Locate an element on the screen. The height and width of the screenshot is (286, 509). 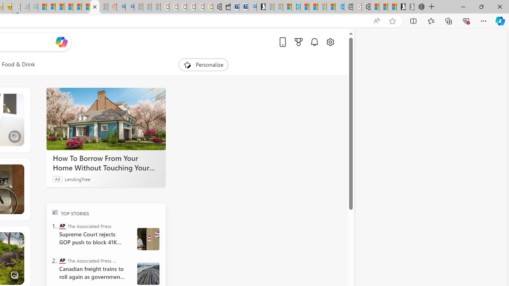
'TOP' is located at coordinates (54, 212).